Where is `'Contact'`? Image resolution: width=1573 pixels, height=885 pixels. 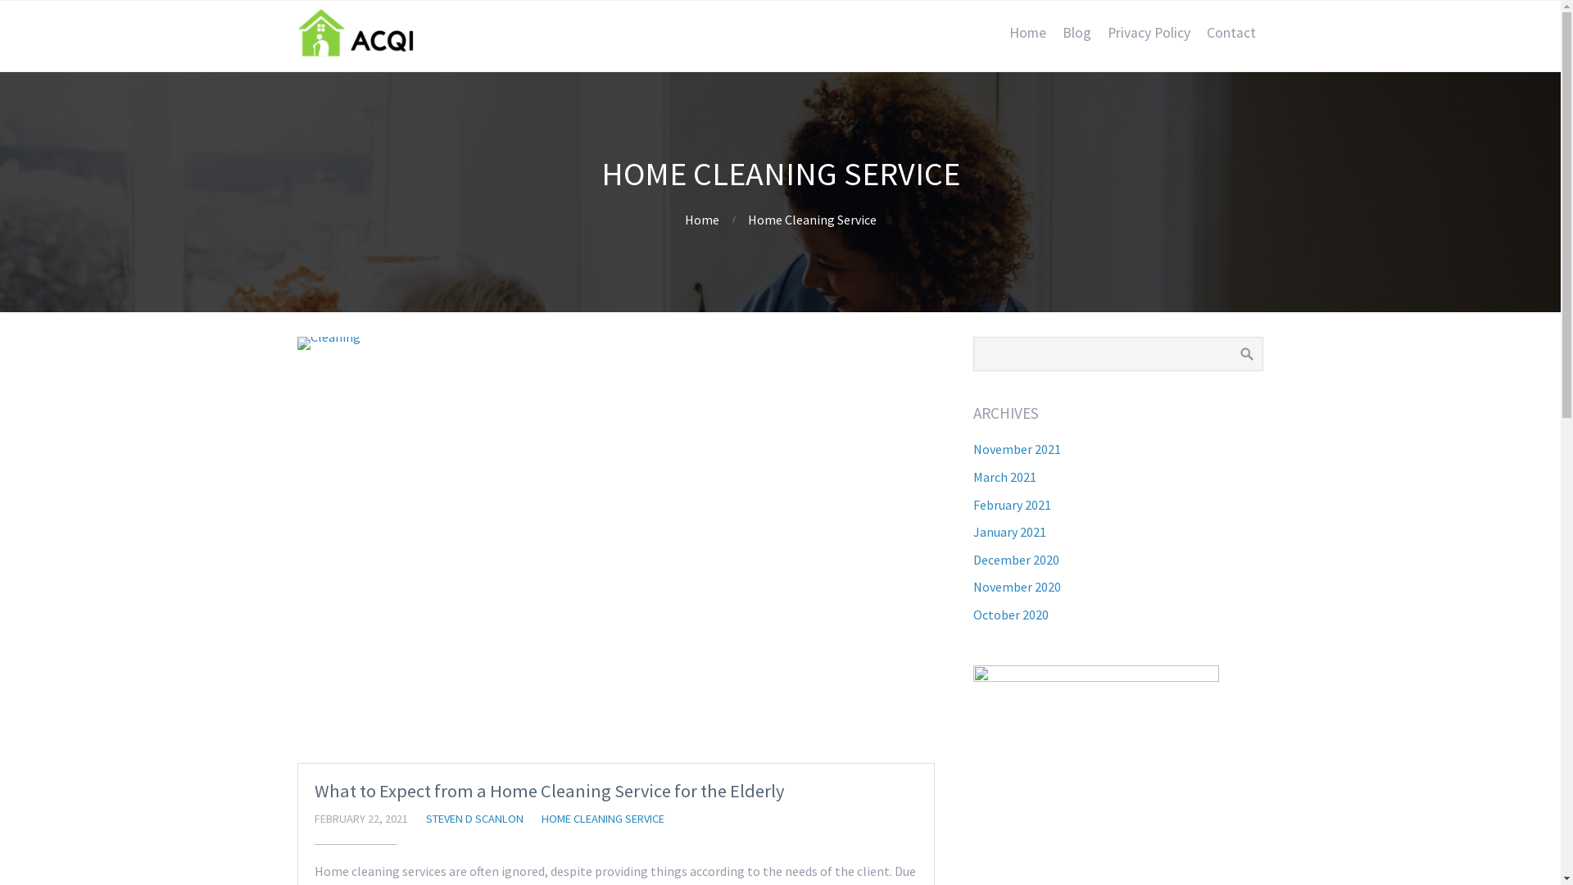
'Contact' is located at coordinates (1231, 32).